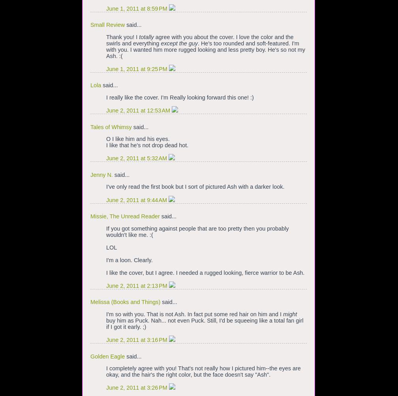 The width and height of the screenshot is (398, 396). Describe the element at coordinates (180, 97) in the screenshot. I see `'I really like the cover. I'm Really looking forward this one! :)'` at that location.